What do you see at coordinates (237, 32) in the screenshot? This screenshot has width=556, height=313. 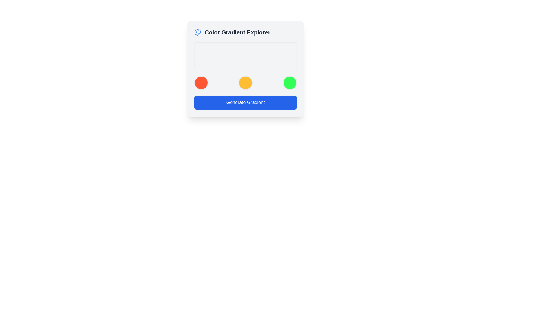 I see `the text label that reads 'Color Gradient Explorer', which is a bold gray text located near the top-center of the interface` at bounding box center [237, 32].